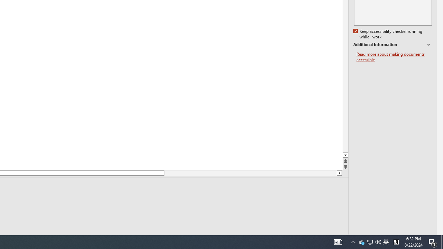 The height and width of the screenshot is (249, 443). Describe the element at coordinates (442, 241) in the screenshot. I see `'Show desktop'` at that location.